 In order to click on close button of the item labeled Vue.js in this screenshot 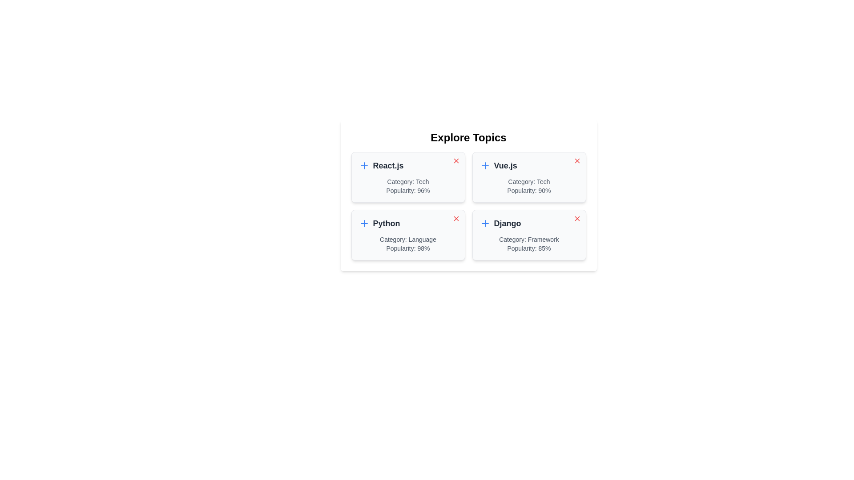, I will do `click(577, 161)`.